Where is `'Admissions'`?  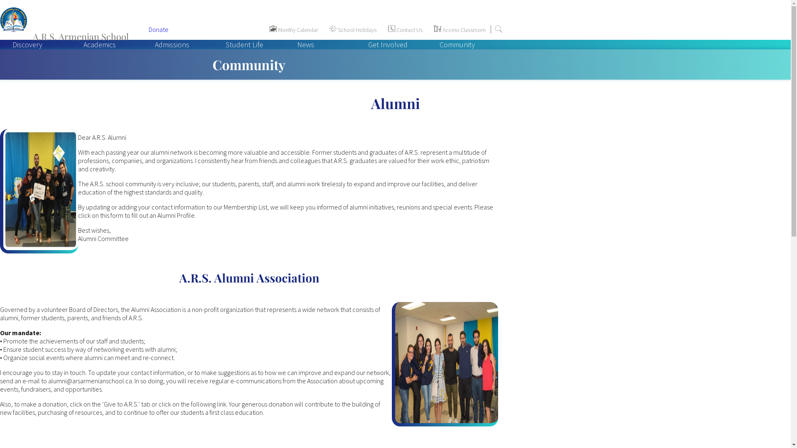 'Admissions' is located at coordinates (171, 44).